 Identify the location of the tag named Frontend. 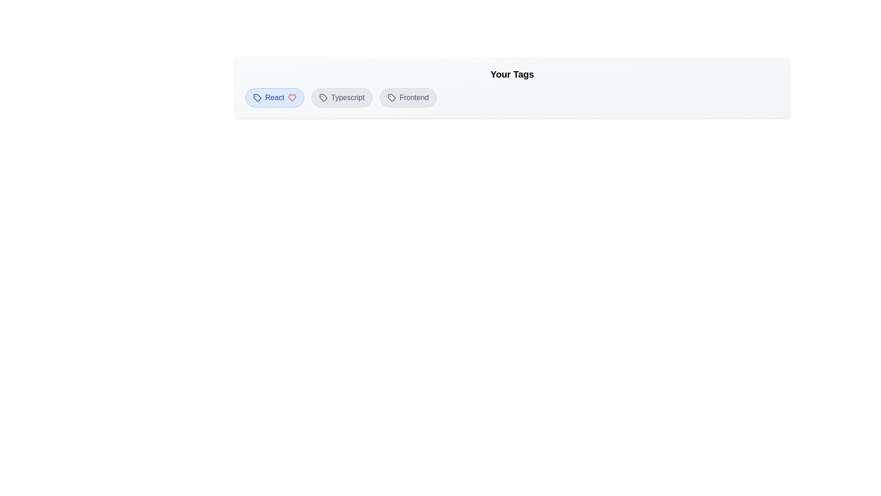
(407, 97).